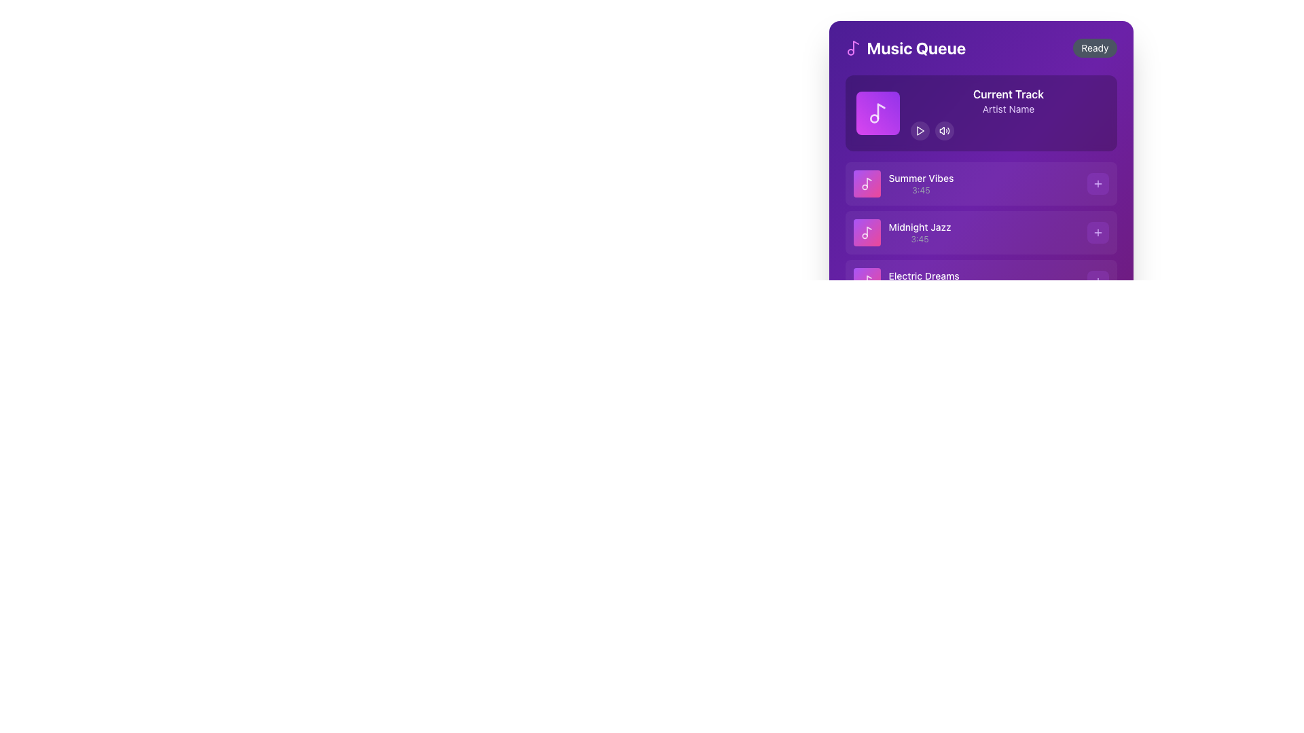  Describe the element at coordinates (920, 130) in the screenshot. I see `the icon-based play button located near the top section of the purple music queue interface` at that location.